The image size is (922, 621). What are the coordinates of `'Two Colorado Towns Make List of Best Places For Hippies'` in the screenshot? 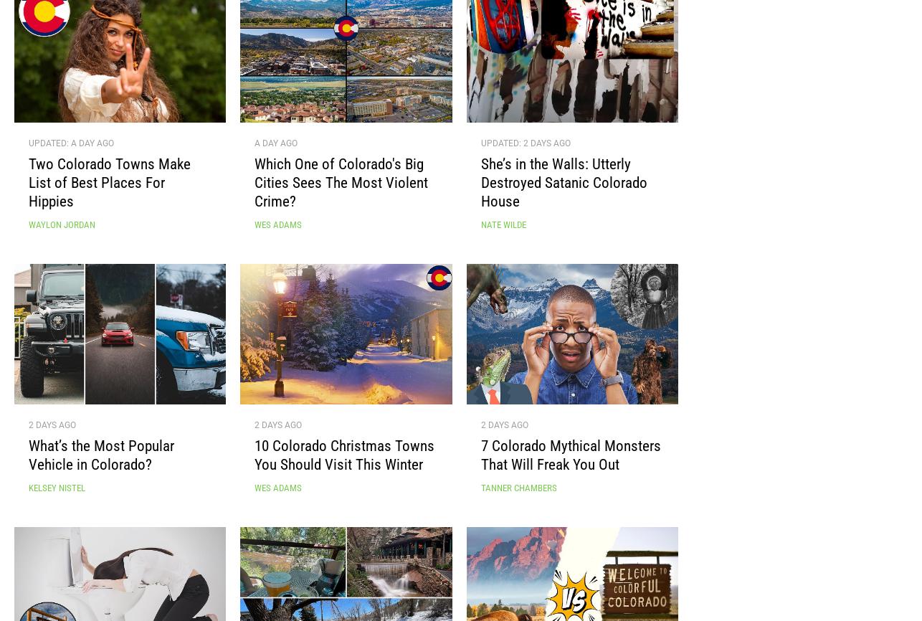 It's located at (110, 188).